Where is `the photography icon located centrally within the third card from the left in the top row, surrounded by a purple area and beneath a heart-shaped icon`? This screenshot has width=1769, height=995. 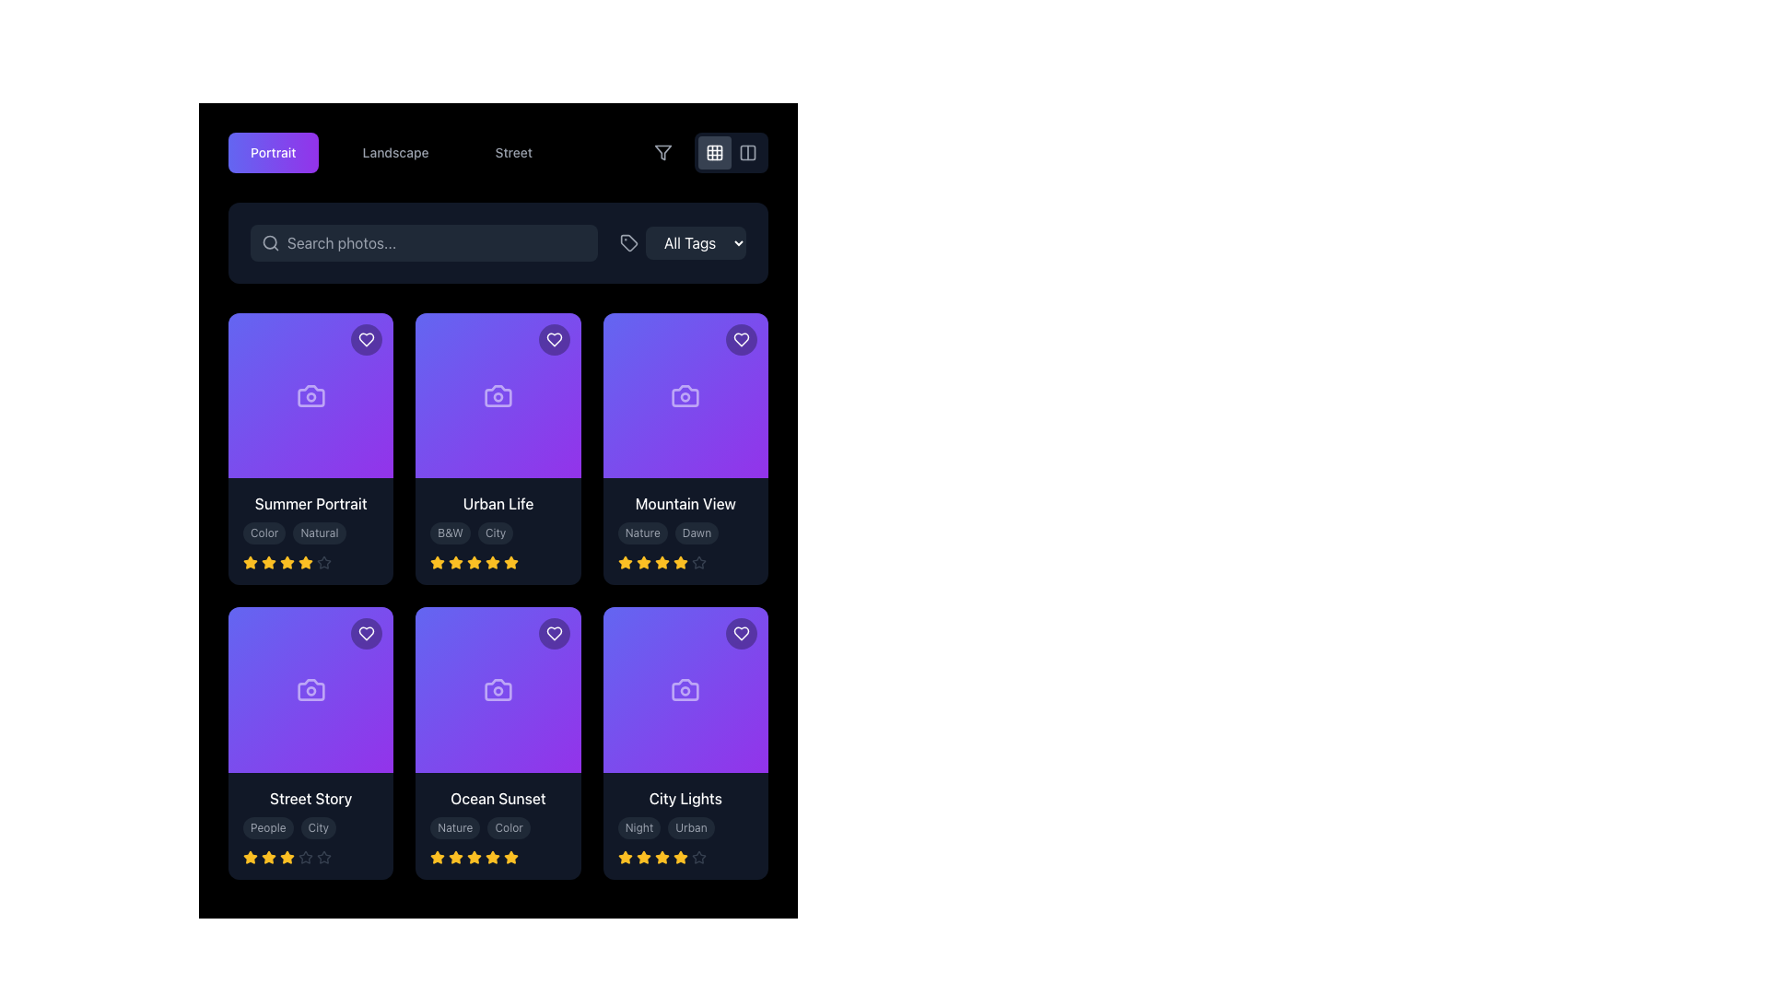
the photography icon located centrally within the third card from the left in the top row, surrounded by a purple area and beneath a heart-shaped icon is located at coordinates (685, 394).